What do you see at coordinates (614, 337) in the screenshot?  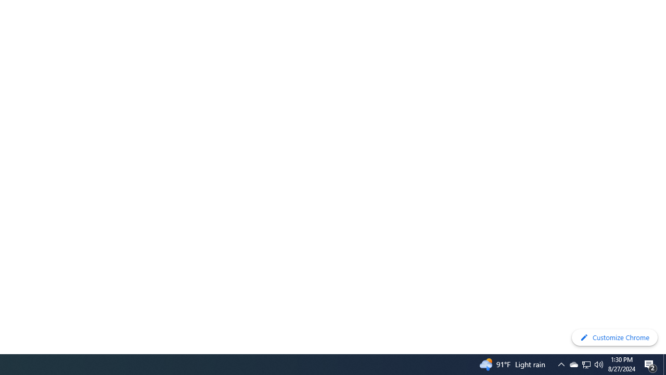 I see `'Customize Chrome'` at bounding box center [614, 337].